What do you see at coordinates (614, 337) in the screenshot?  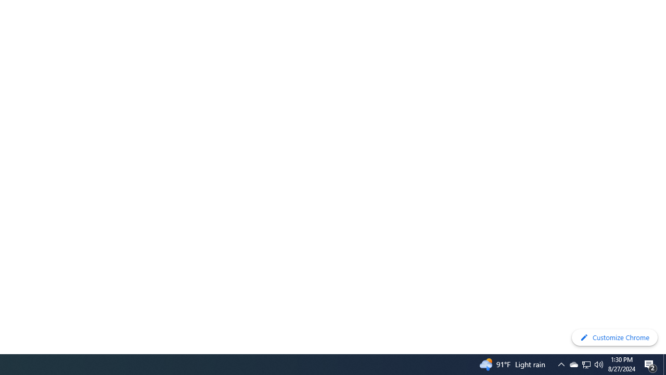 I see `'Customize Chrome'` at bounding box center [614, 337].